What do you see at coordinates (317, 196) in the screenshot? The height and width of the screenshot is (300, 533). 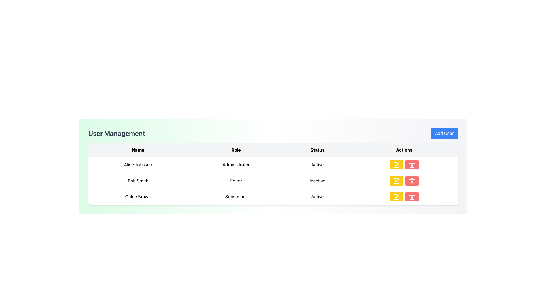 I see `the 'Active' status label located in the third column of the third row under the 'Status' header in a tabular layout` at bounding box center [317, 196].